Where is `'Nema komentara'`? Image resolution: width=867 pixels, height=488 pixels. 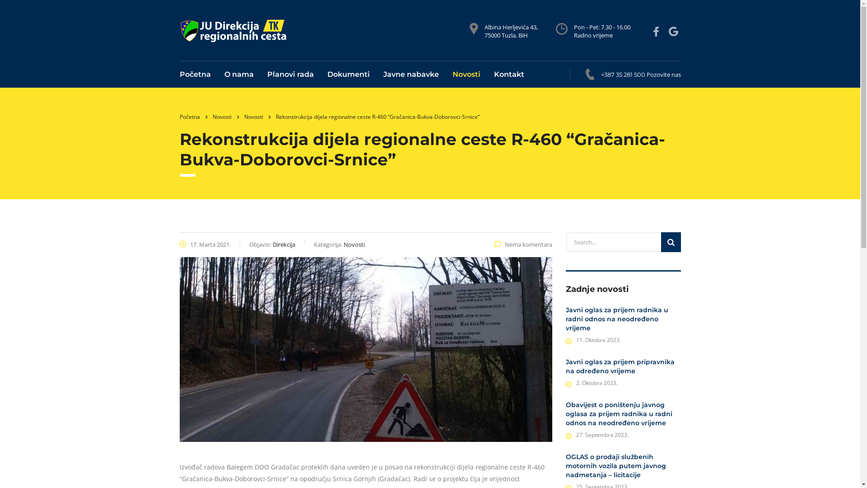
'Nema komentara' is located at coordinates (523, 244).